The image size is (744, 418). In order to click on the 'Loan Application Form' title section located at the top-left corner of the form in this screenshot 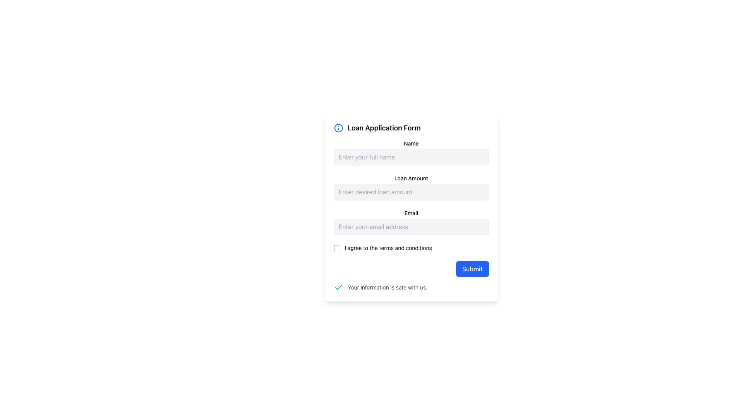, I will do `click(411, 128)`.